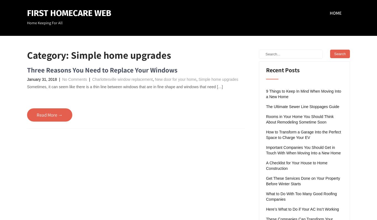  Describe the element at coordinates (124, 87) in the screenshot. I see `'Sometimes, it can seem like there is a thin line between windows that are in fine shape and windows that need […]'` at that location.